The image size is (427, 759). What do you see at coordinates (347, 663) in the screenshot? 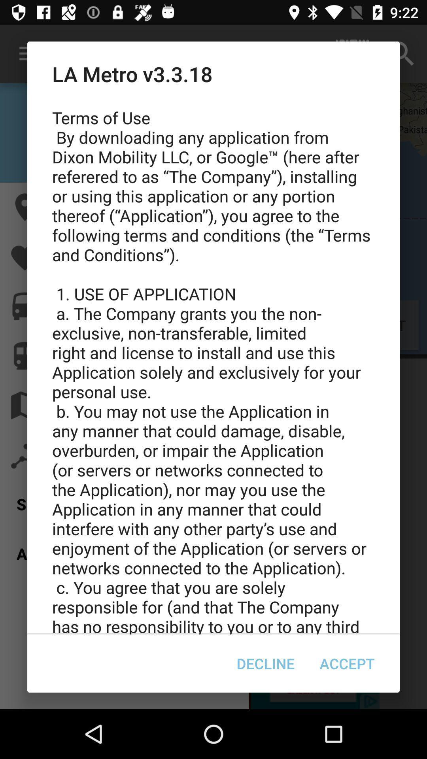
I see `item next to decline icon` at bounding box center [347, 663].